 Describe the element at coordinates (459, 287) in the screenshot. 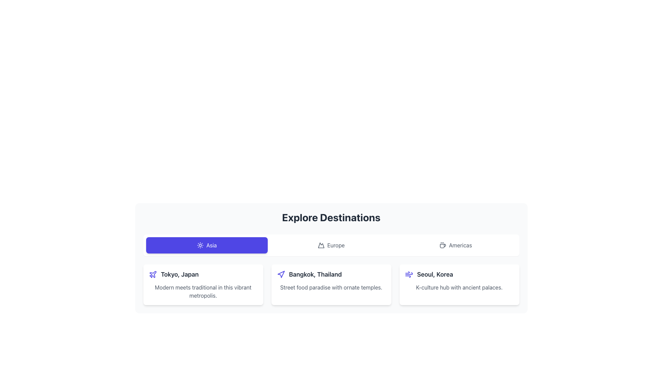

I see `description displayed in the text block that shows 'K-culture hub with ancient palaces.' located below the heading 'Seoul, Korea' in the third card of a horizontally-aligned list` at that location.